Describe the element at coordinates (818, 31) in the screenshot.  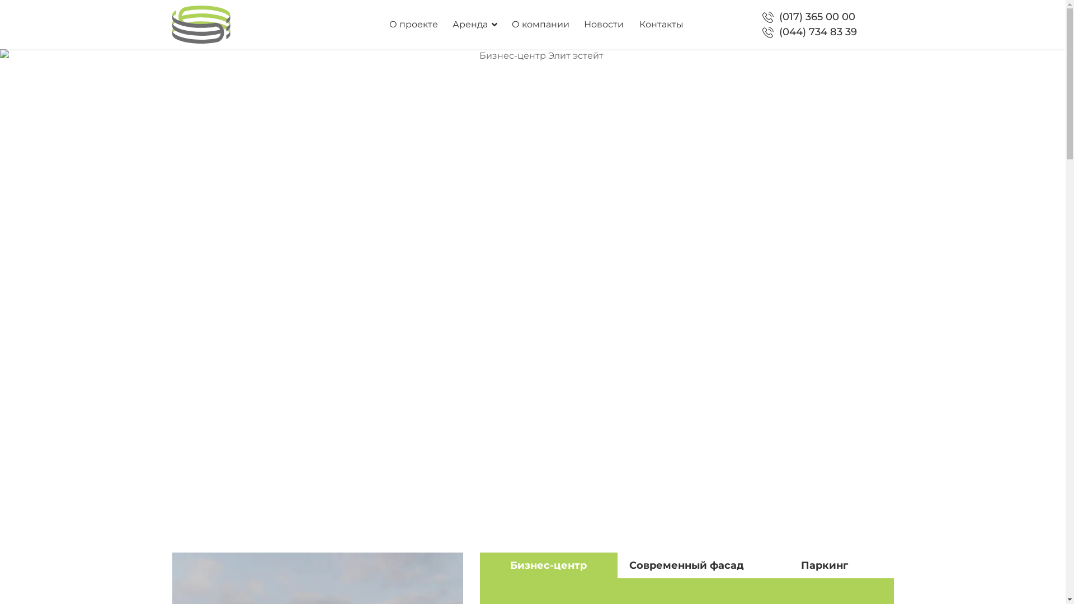
I see `'(044) 734 83 39'` at that location.